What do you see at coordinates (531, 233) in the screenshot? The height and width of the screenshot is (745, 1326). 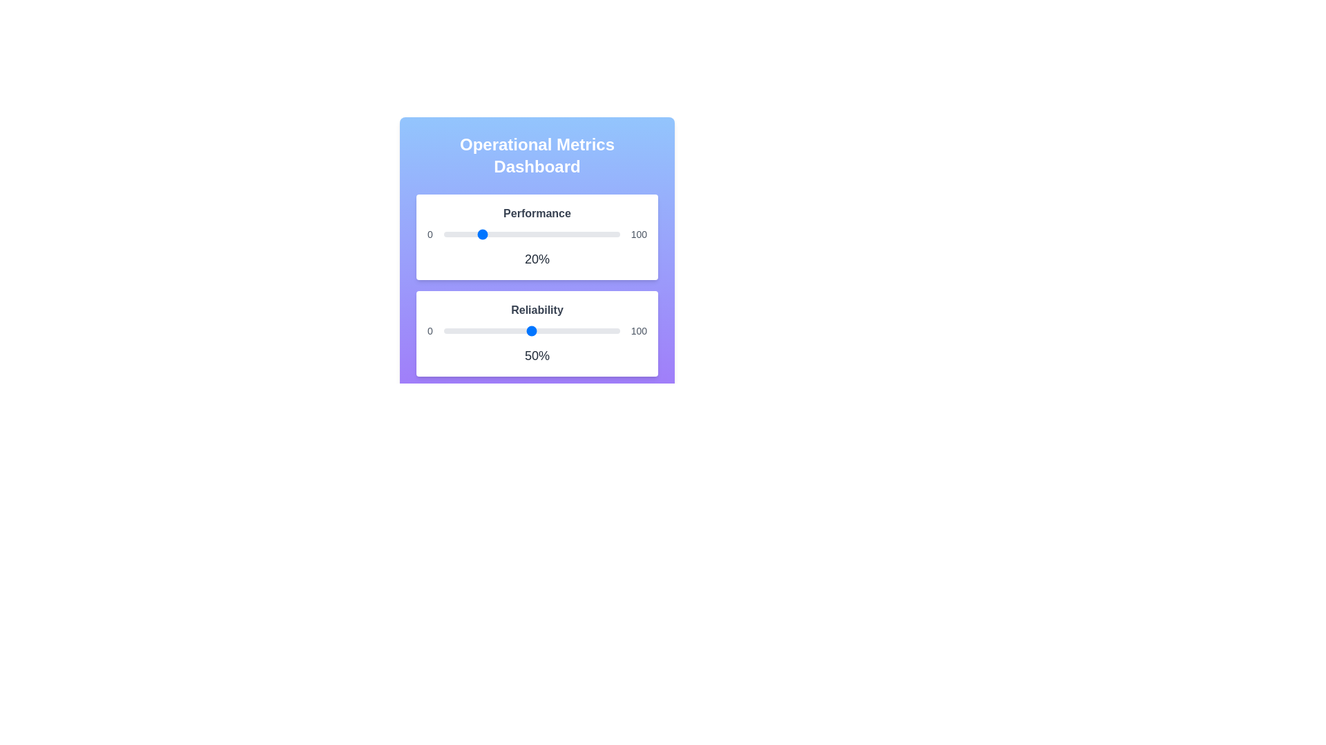 I see `the 'Performance' range slider, currently set at 20` at bounding box center [531, 233].